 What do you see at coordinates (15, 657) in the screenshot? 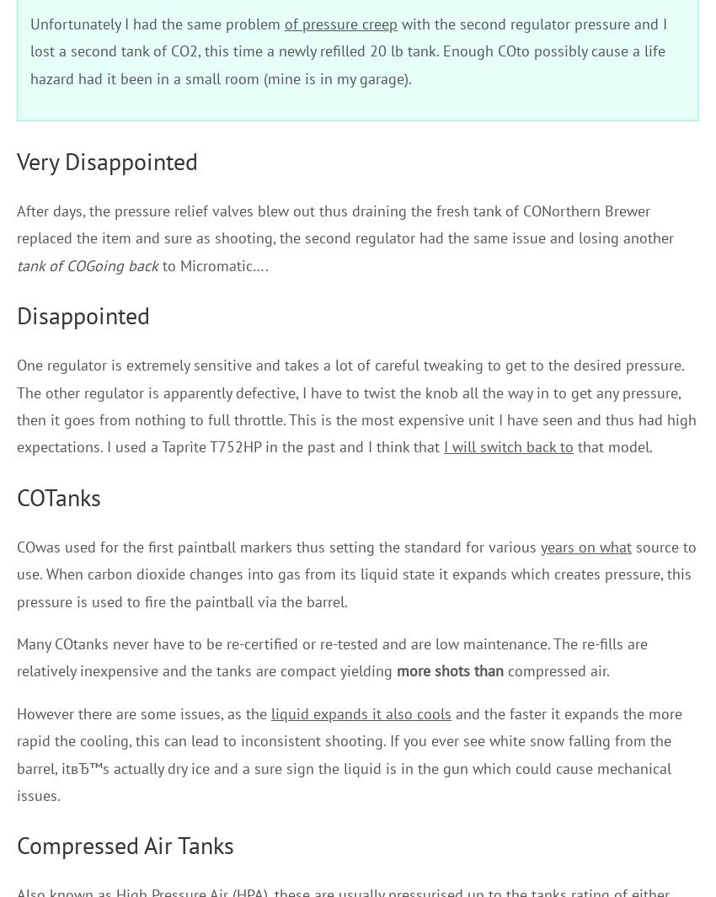
I see `'Many COtanks never have to be re-certified or re-tested and are low maintenance. The re-fills are relatively inexpensive and the tanks are compact yielding'` at bounding box center [15, 657].